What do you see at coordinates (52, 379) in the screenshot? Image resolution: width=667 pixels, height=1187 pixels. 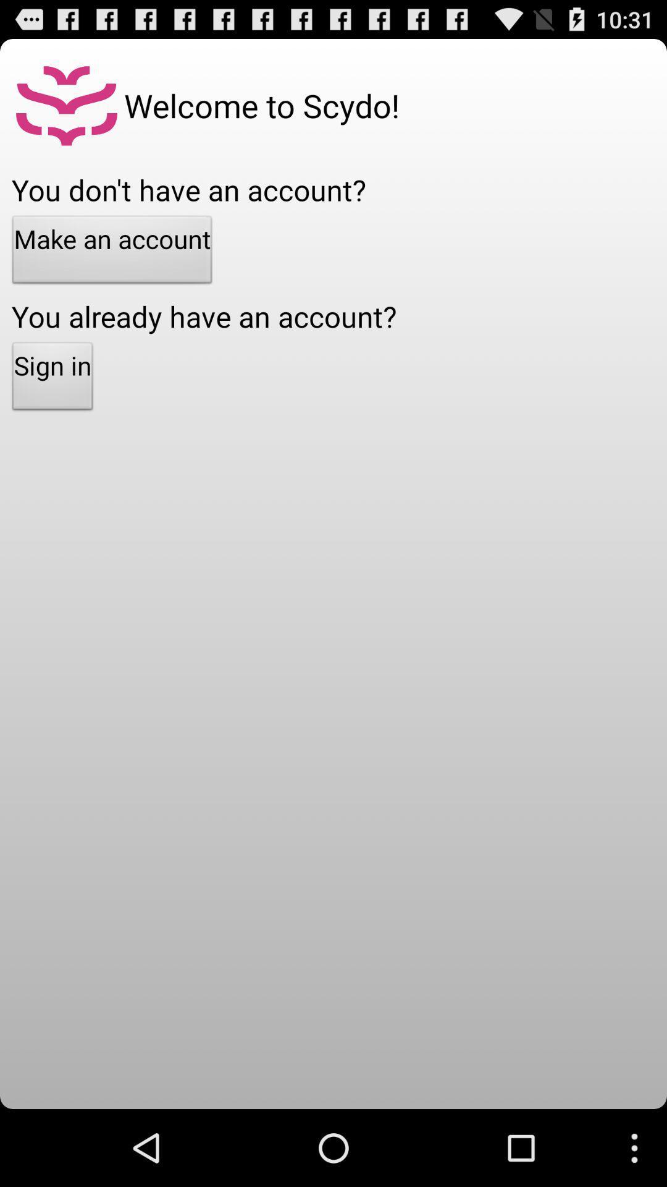 I see `sign in` at bounding box center [52, 379].